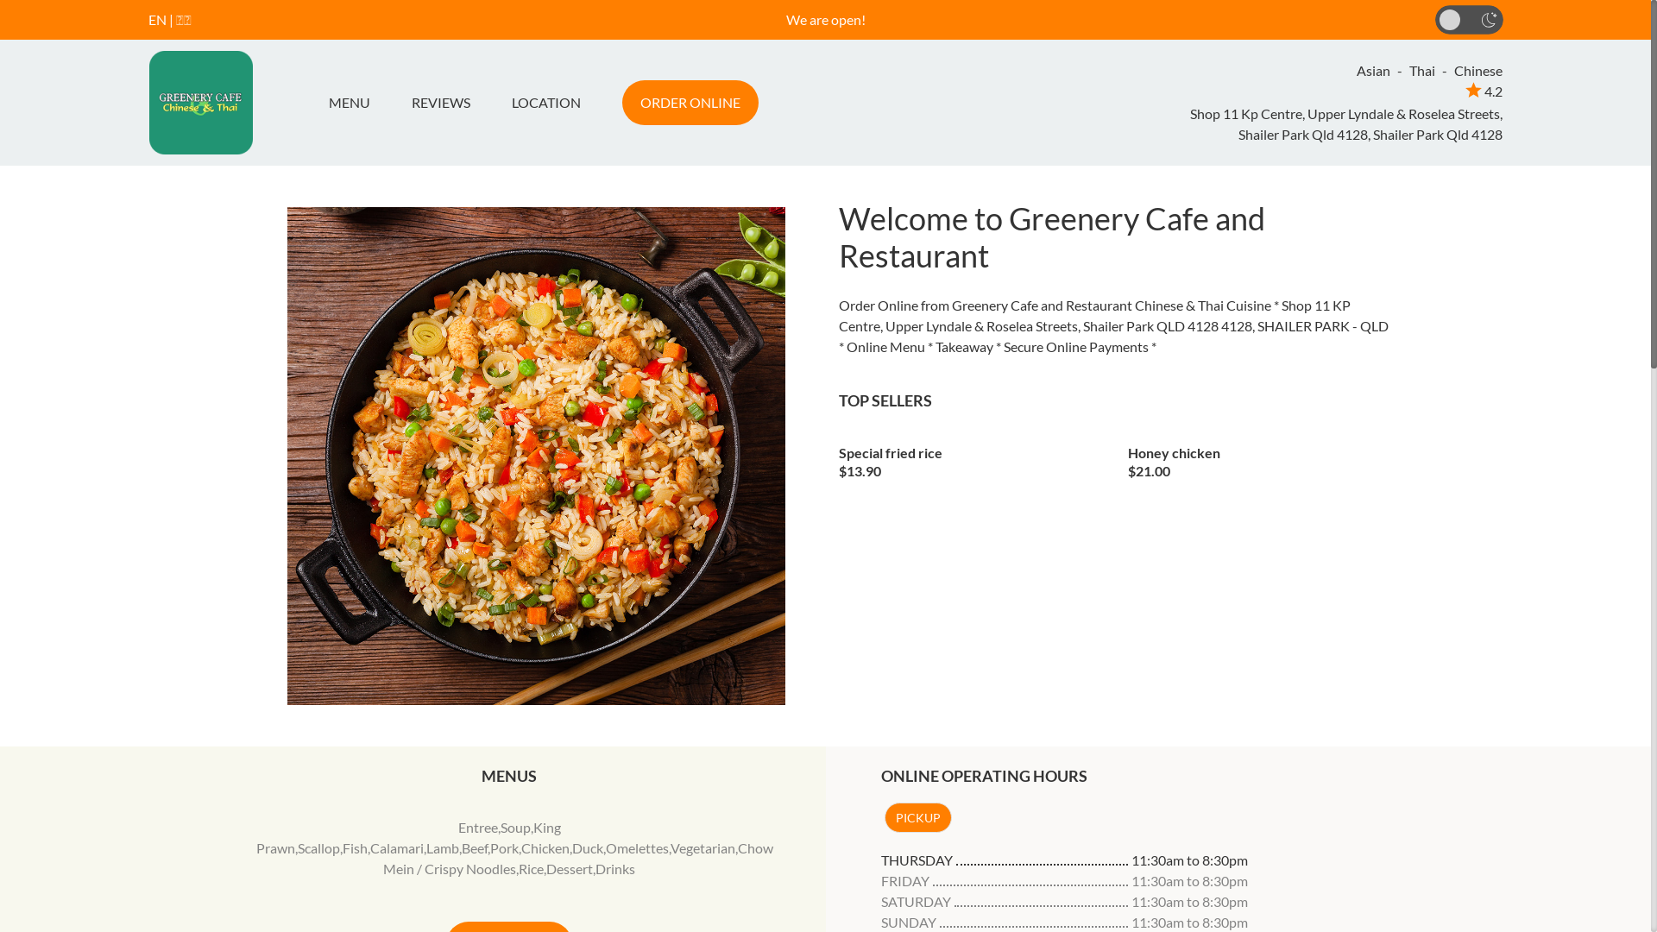 Image resolution: width=1657 pixels, height=932 pixels. Describe the element at coordinates (514, 826) in the screenshot. I see `'Soup'` at that location.